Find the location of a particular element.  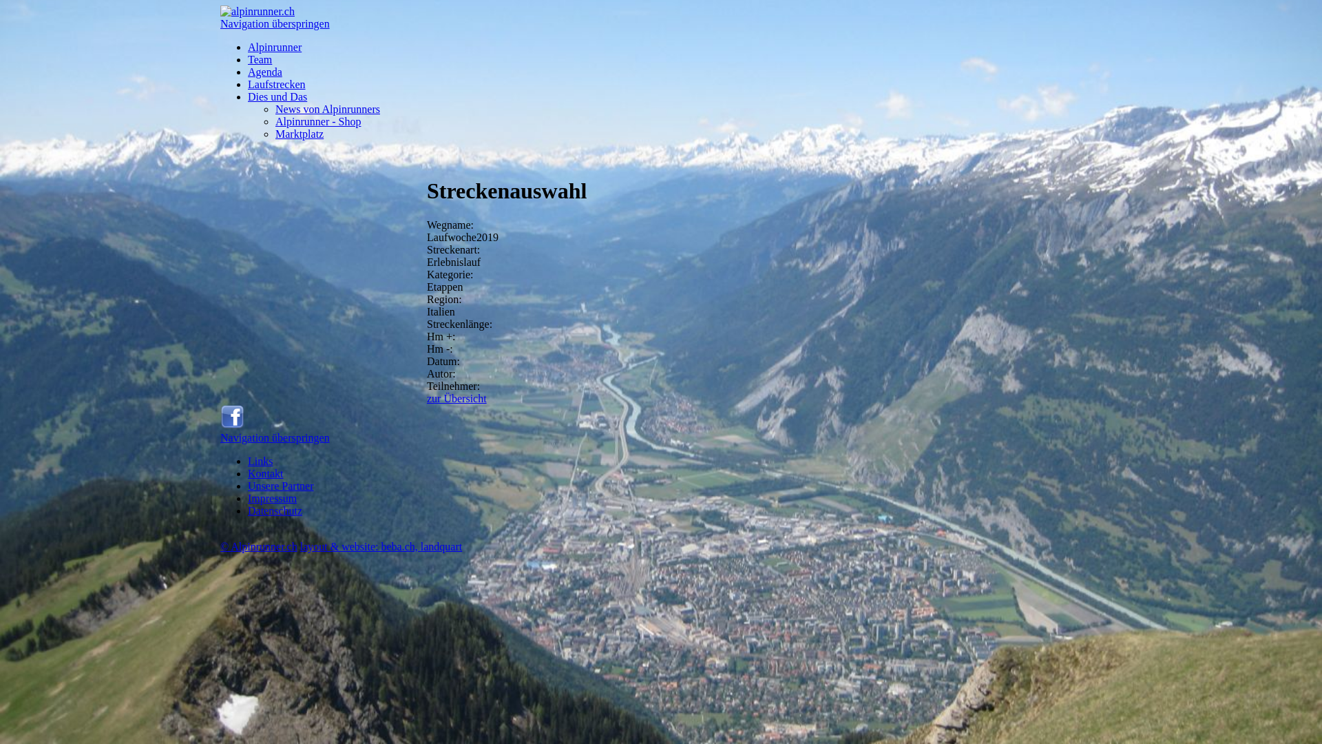

'Laufstrecken' is located at coordinates (276, 84).